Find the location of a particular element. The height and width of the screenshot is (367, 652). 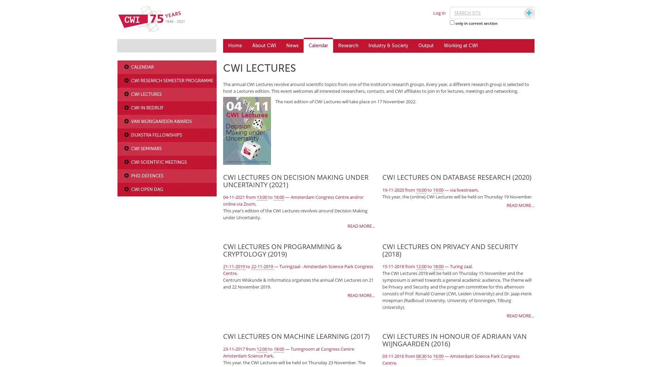

Search is located at coordinates (522, 13).